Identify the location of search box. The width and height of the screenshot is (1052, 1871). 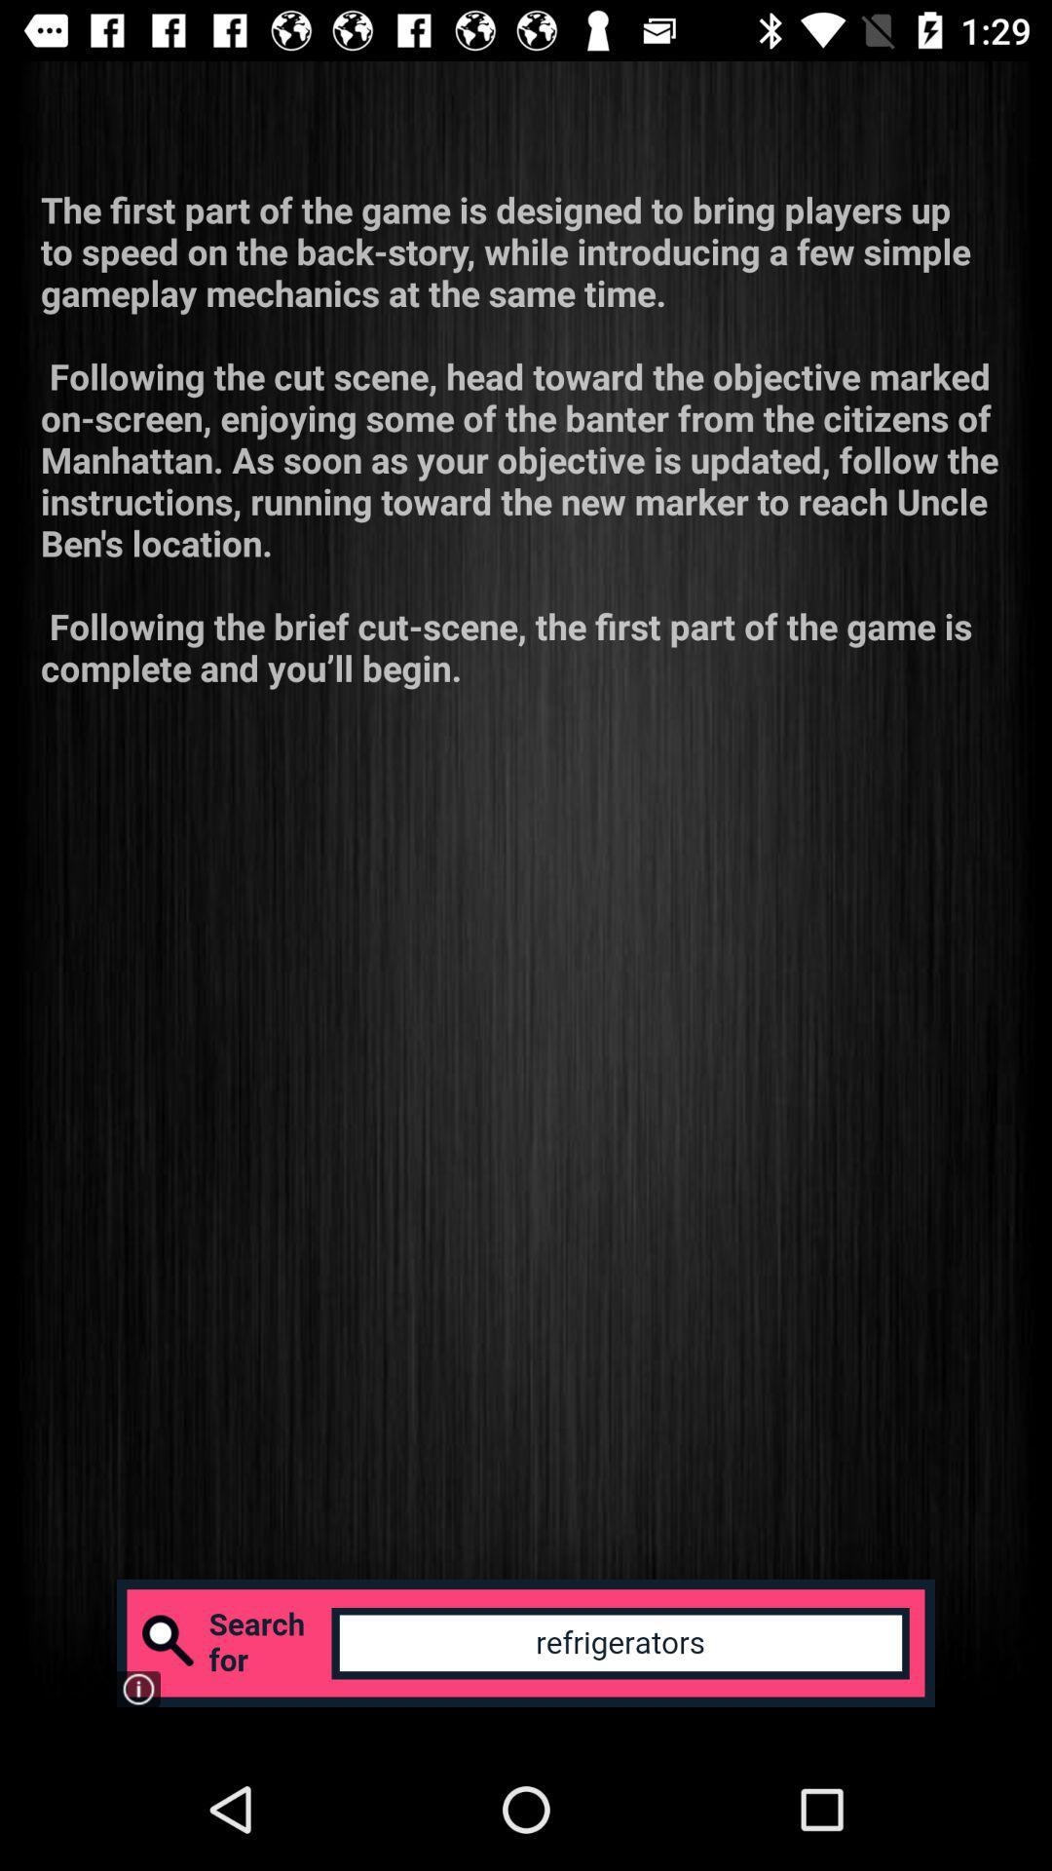
(526, 1642).